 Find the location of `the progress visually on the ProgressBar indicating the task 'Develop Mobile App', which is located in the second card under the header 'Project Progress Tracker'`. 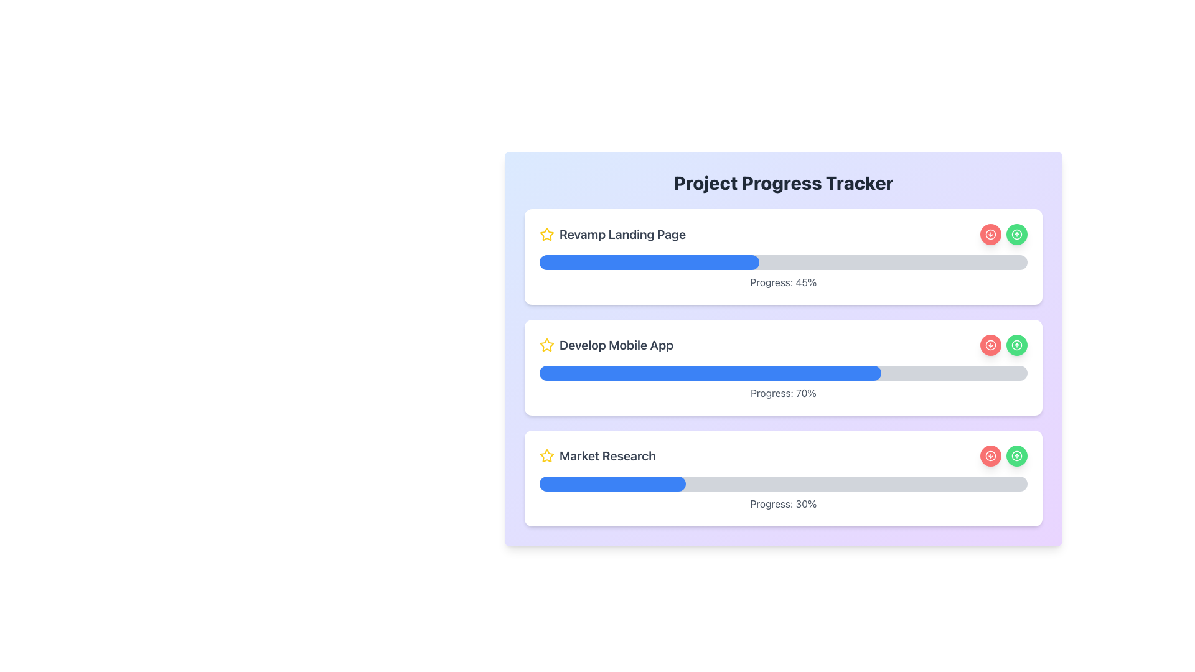

the progress visually on the ProgressBar indicating the task 'Develop Mobile App', which is located in the second card under the header 'Project Progress Tracker' is located at coordinates (782, 373).